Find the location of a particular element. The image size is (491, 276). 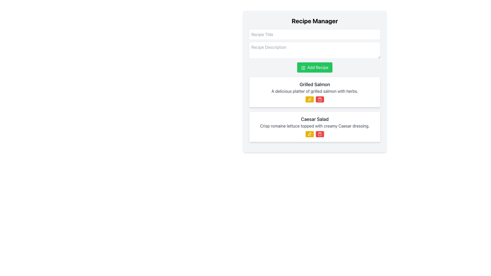

the small square icon with a '+' symbol inside, located within the green button labeled 'Add Recipe.' is located at coordinates (303, 67).